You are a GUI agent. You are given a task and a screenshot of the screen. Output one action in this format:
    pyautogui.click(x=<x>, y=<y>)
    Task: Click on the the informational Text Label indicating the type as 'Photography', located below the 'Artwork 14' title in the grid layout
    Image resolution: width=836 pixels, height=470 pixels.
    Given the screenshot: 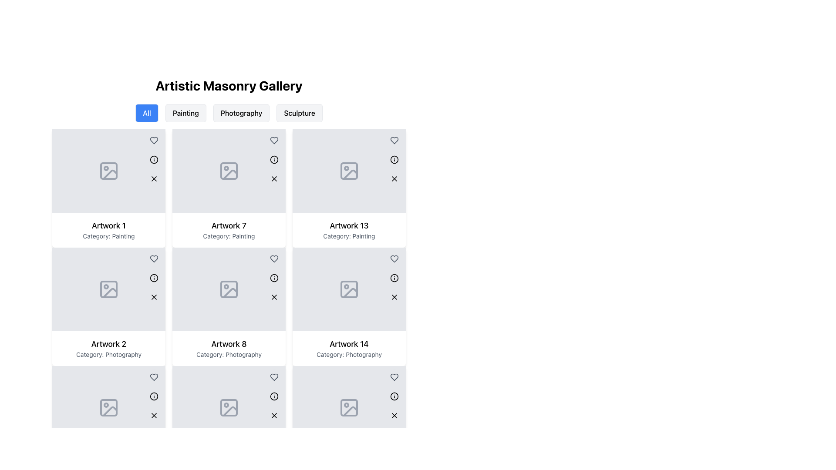 What is the action you would take?
    pyautogui.click(x=349, y=354)
    